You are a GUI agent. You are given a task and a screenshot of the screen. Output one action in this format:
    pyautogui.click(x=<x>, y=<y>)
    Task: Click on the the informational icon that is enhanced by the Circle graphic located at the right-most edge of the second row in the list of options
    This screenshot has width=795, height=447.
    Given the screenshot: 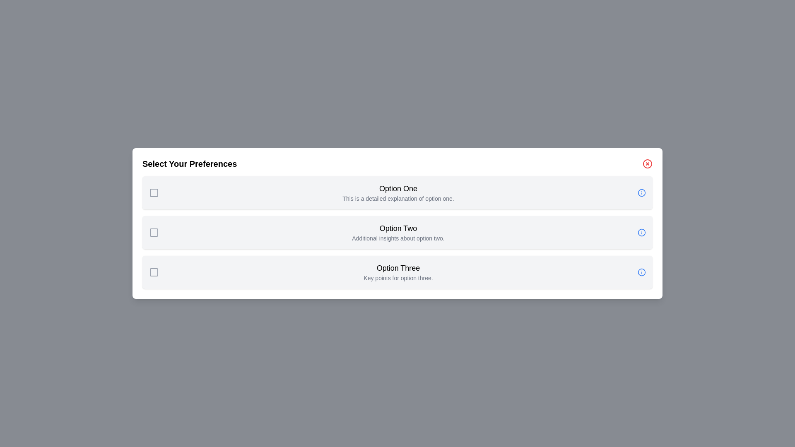 What is the action you would take?
    pyautogui.click(x=641, y=233)
    